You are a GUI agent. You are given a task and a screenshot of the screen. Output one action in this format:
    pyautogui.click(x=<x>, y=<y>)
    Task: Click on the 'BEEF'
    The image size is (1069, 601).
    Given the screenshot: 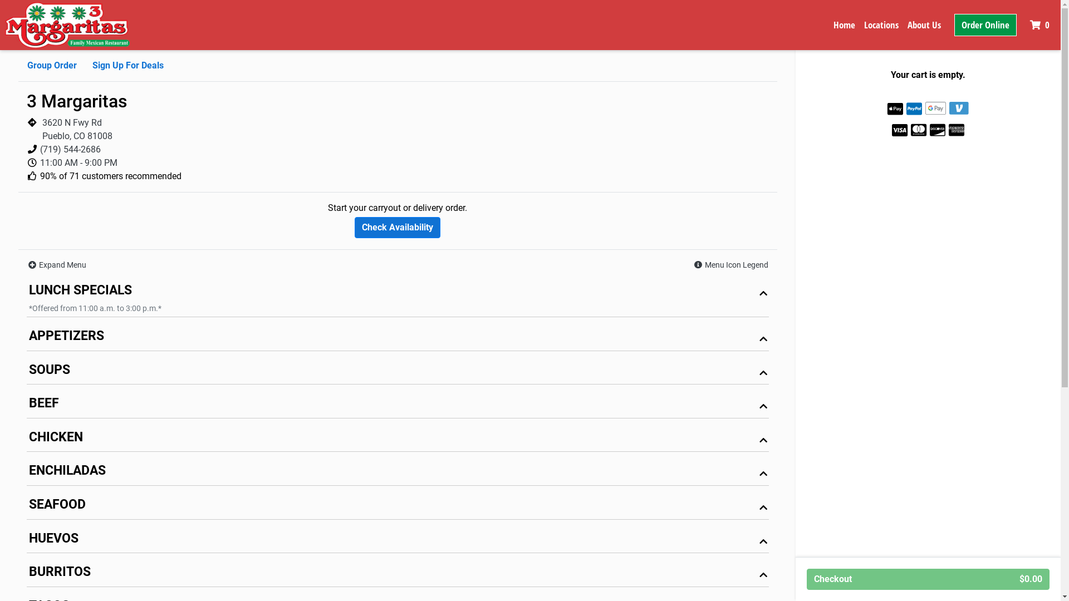 What is the action you would take?
    pyautogui.click(x=398, y=406)
    